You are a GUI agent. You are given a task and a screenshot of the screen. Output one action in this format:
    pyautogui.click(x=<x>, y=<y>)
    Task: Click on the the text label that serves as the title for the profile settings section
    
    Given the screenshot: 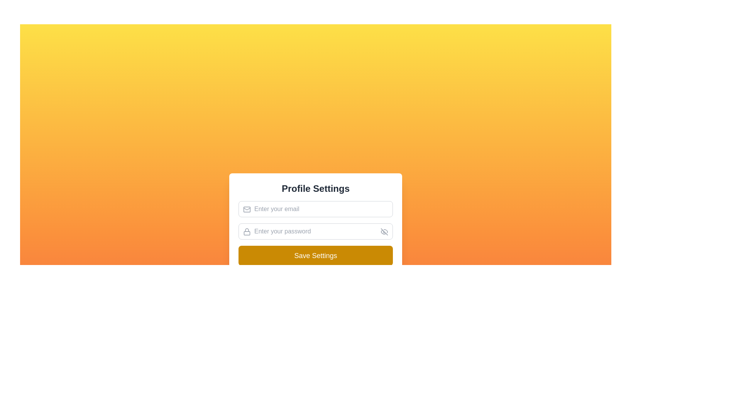 What is the action you would take?
    pyautogui.click(x=315, y=188)
    